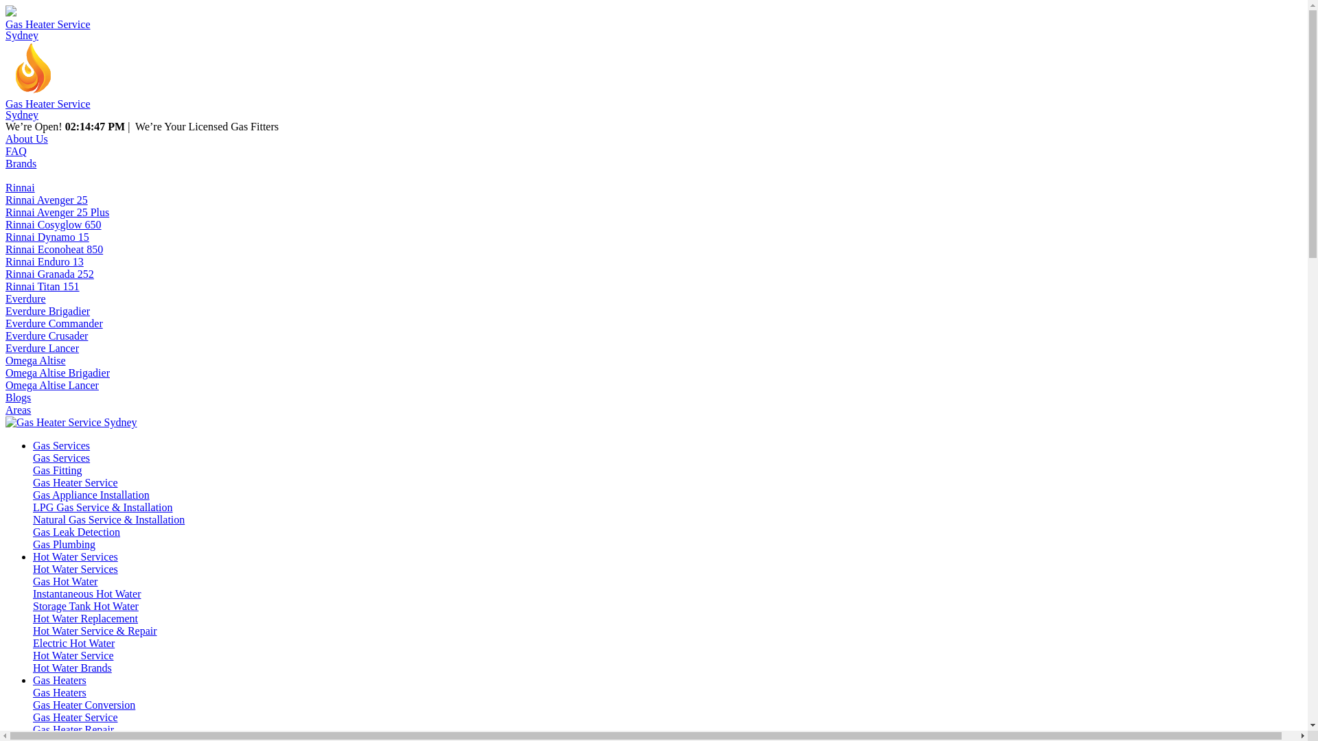 This screenshot has height=741, width=1318. Describe the element at coordinates (33, 705) in the screenshot. I see `'Gas Heater Conversion'` at that location.